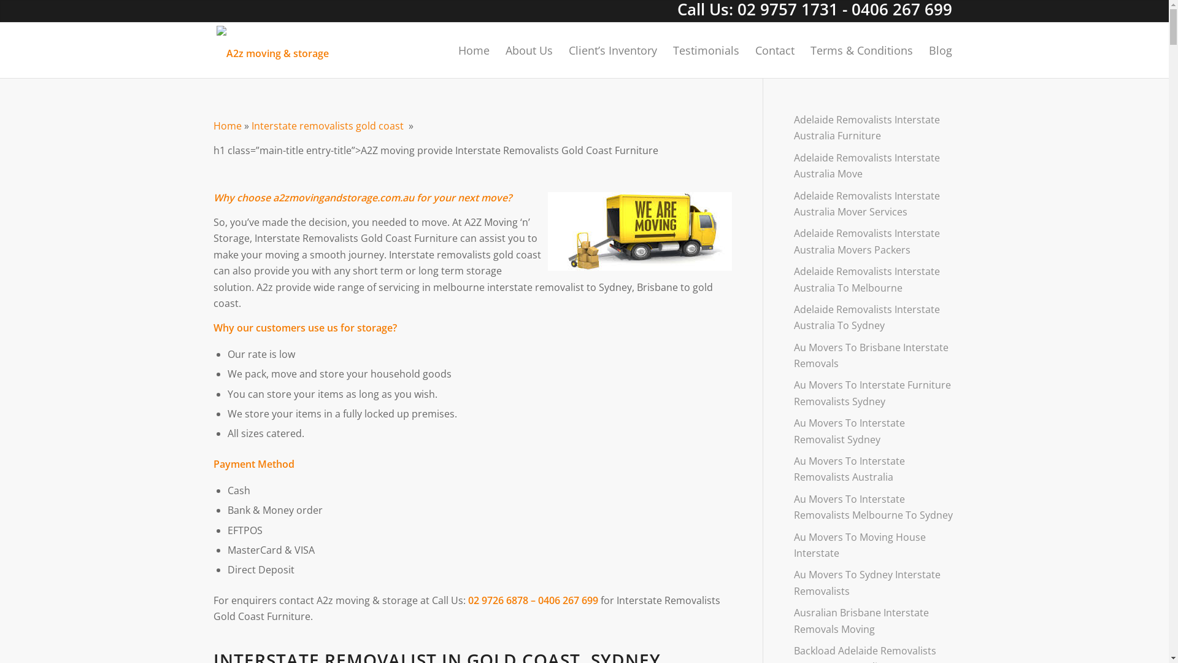  What do you see at coordinates (874, 317) in the screenshot?
I see `'Adelaide Removalists Interstate Australia To Sydney'` at bounding box center [874, 317].